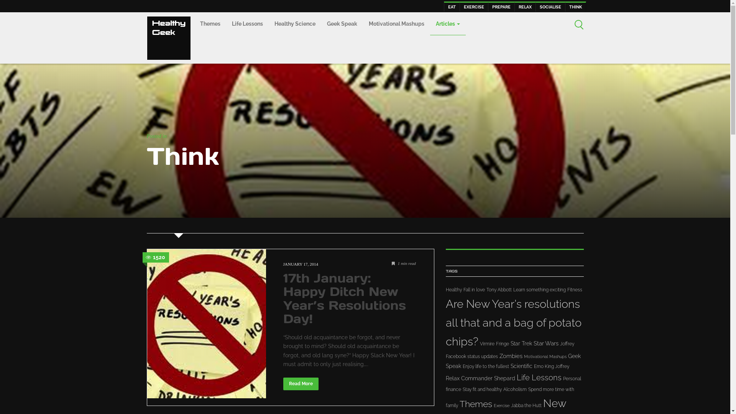 This screenshot has width=736, height=414. Describe the element at coordinates (521, 366) in the screenshot. I see `'Scientific'` at that location.